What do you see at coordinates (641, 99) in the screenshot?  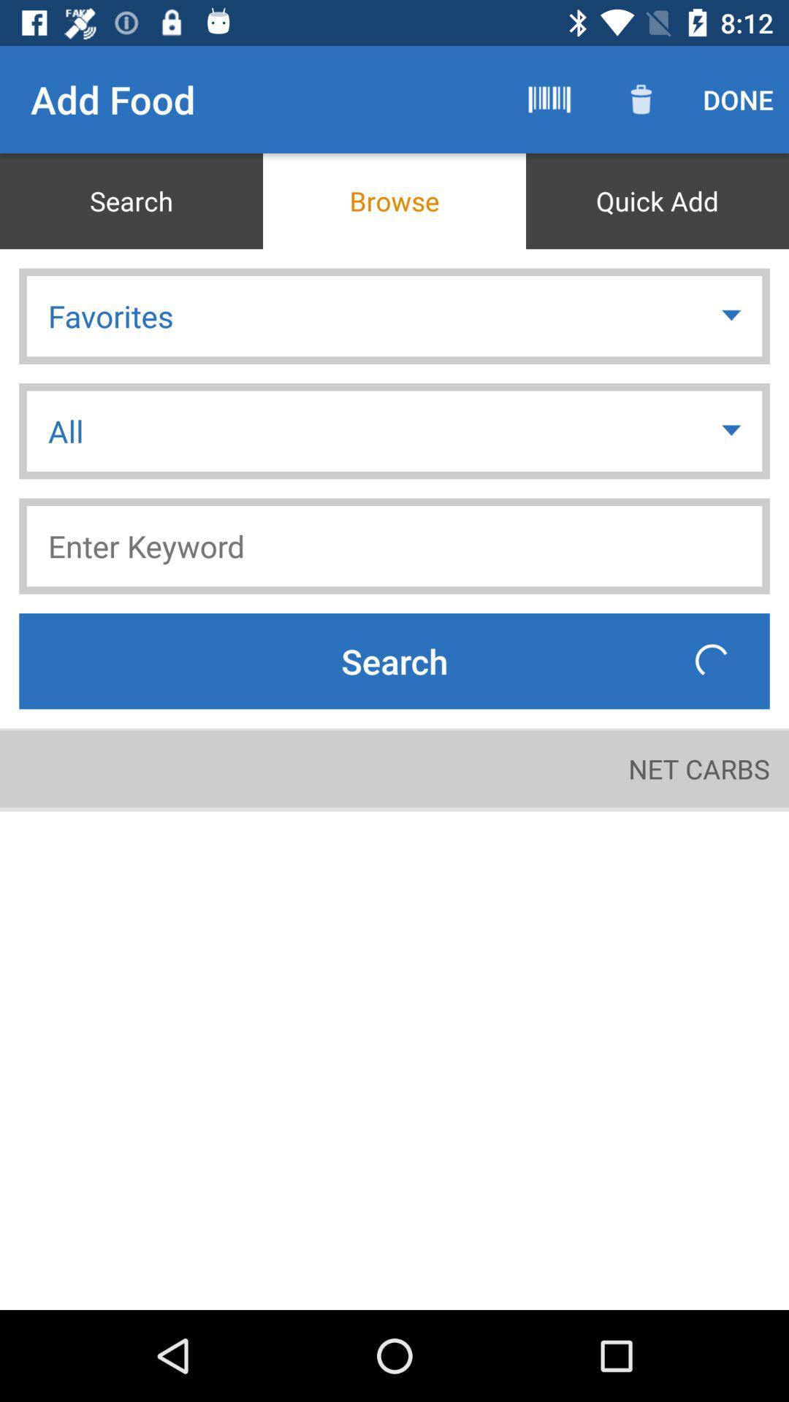 I see `the icon next to the done` at bounding box center [641, 99].